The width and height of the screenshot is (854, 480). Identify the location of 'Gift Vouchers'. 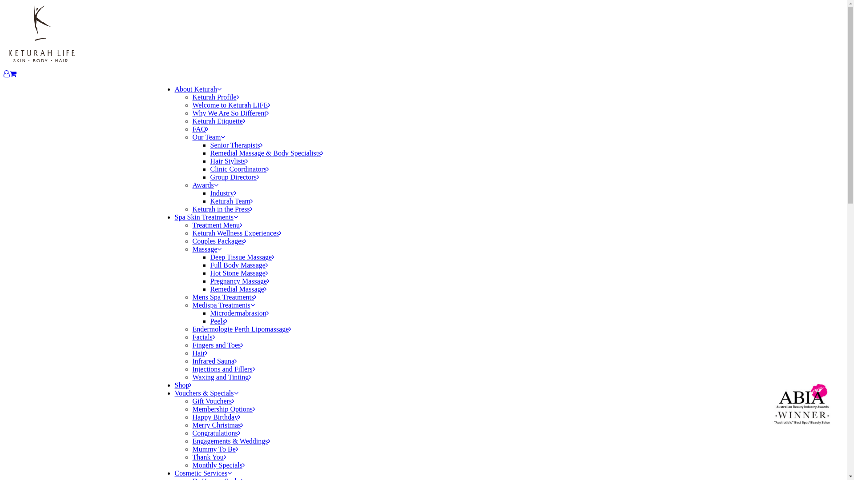
(213, 401).